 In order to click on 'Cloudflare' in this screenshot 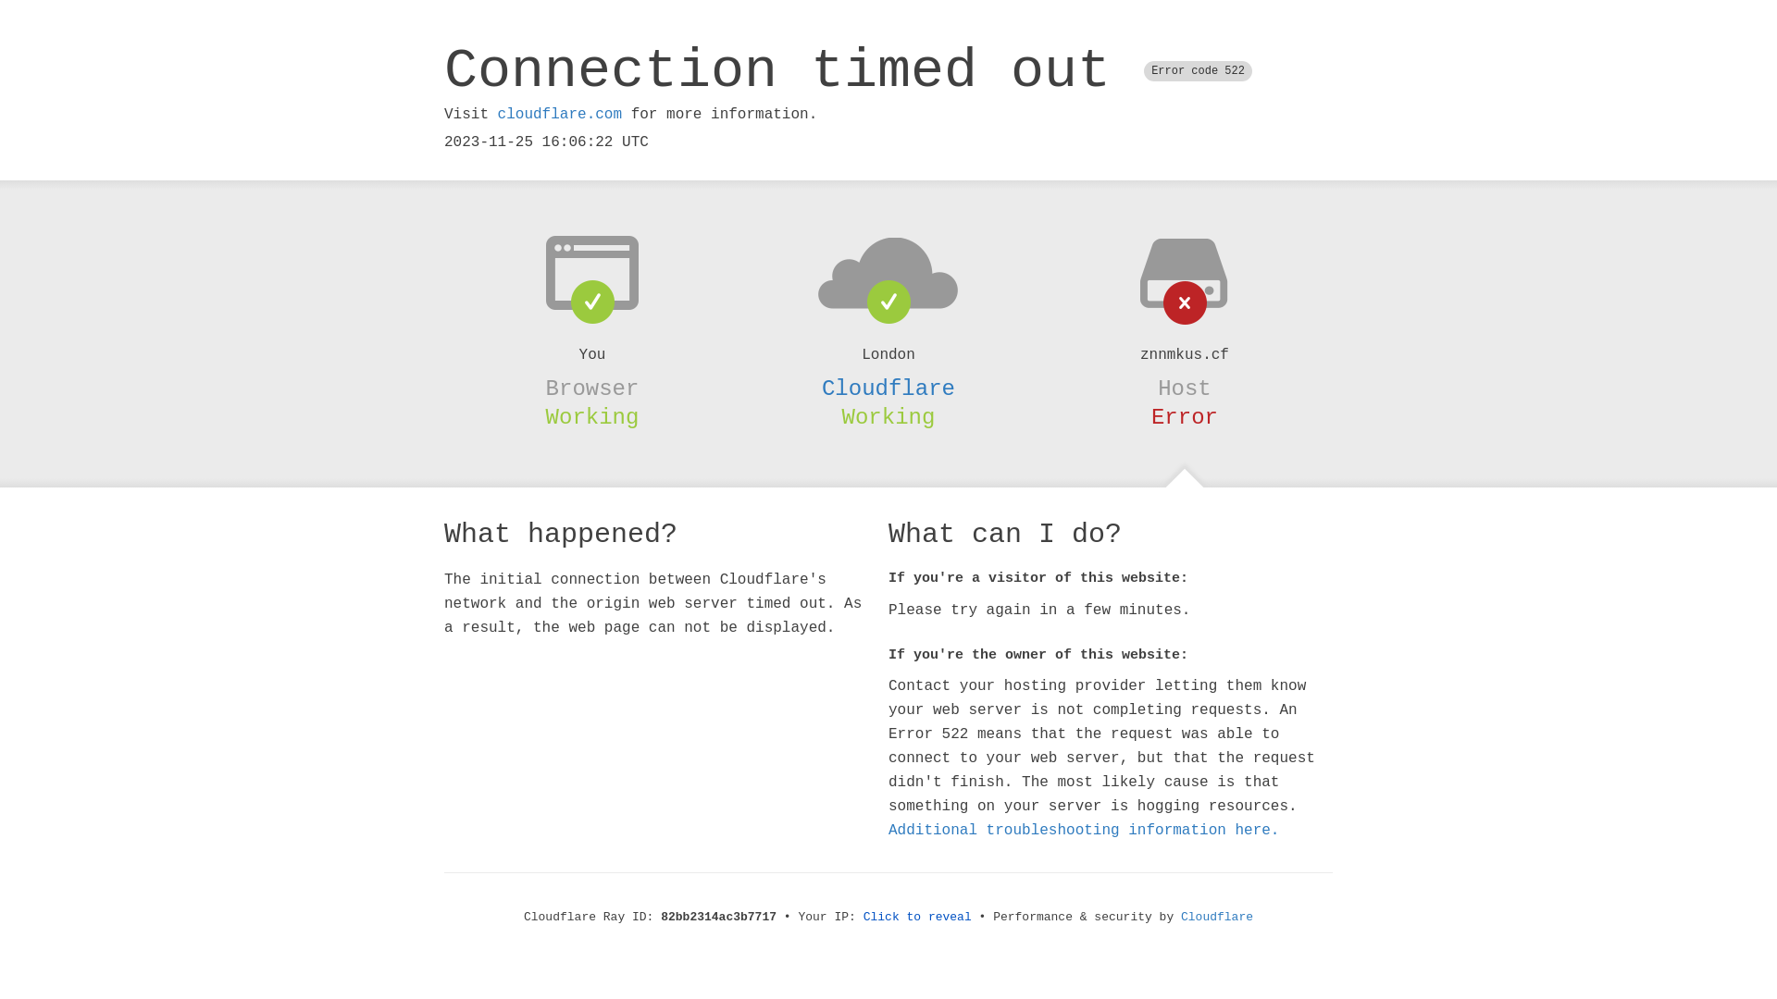, I will do `click(888, 388)`.